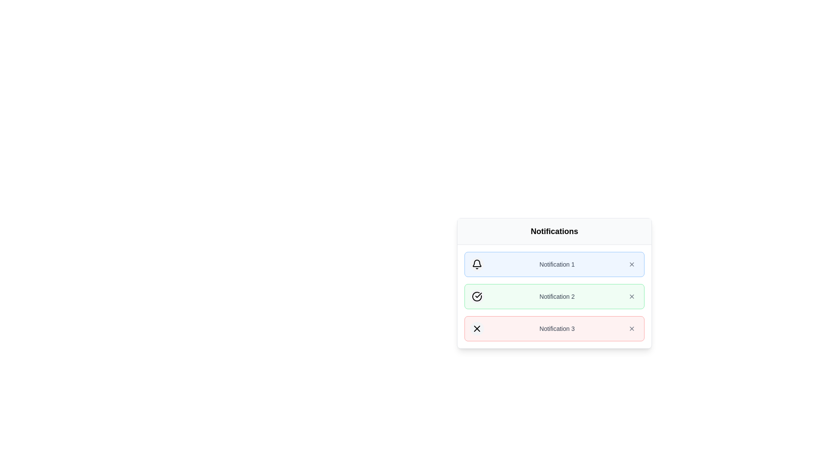 The height and width of the screenshot is (469, 835). I want to click on the text label displaying 'Notification 1', which is styled in a small font size with gray coloring and is part of a vertically stacked list of notification entries, so click(557, 264).